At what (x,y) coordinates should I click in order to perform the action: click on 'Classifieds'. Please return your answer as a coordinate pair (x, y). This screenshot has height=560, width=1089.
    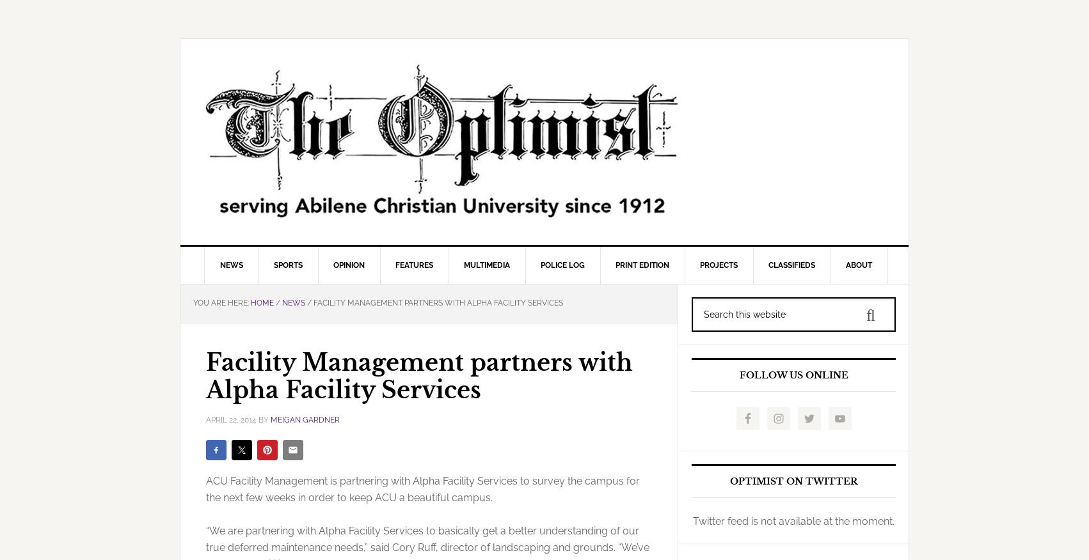
    Looking at the image, I should click on (791, 265).